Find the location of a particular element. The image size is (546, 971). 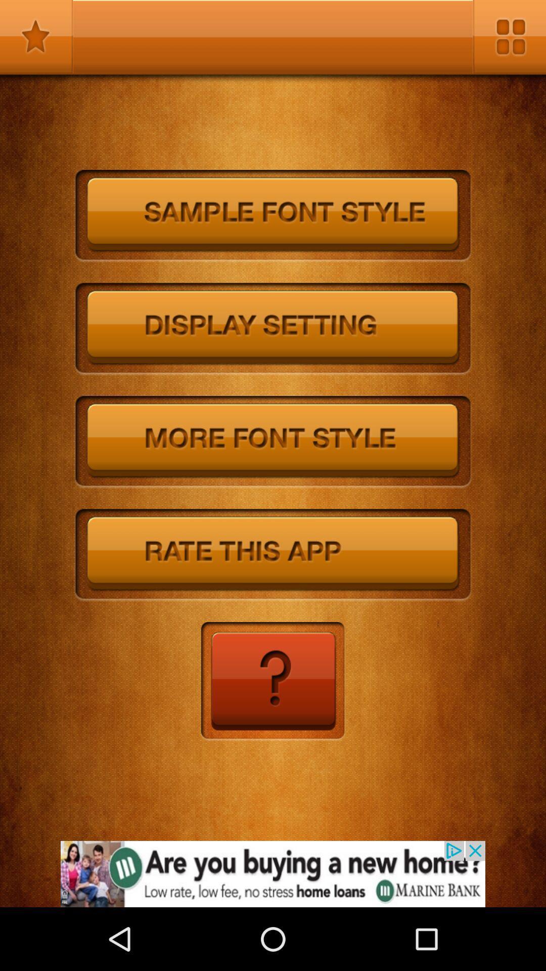

share the article is located at coordinates (273, 873).